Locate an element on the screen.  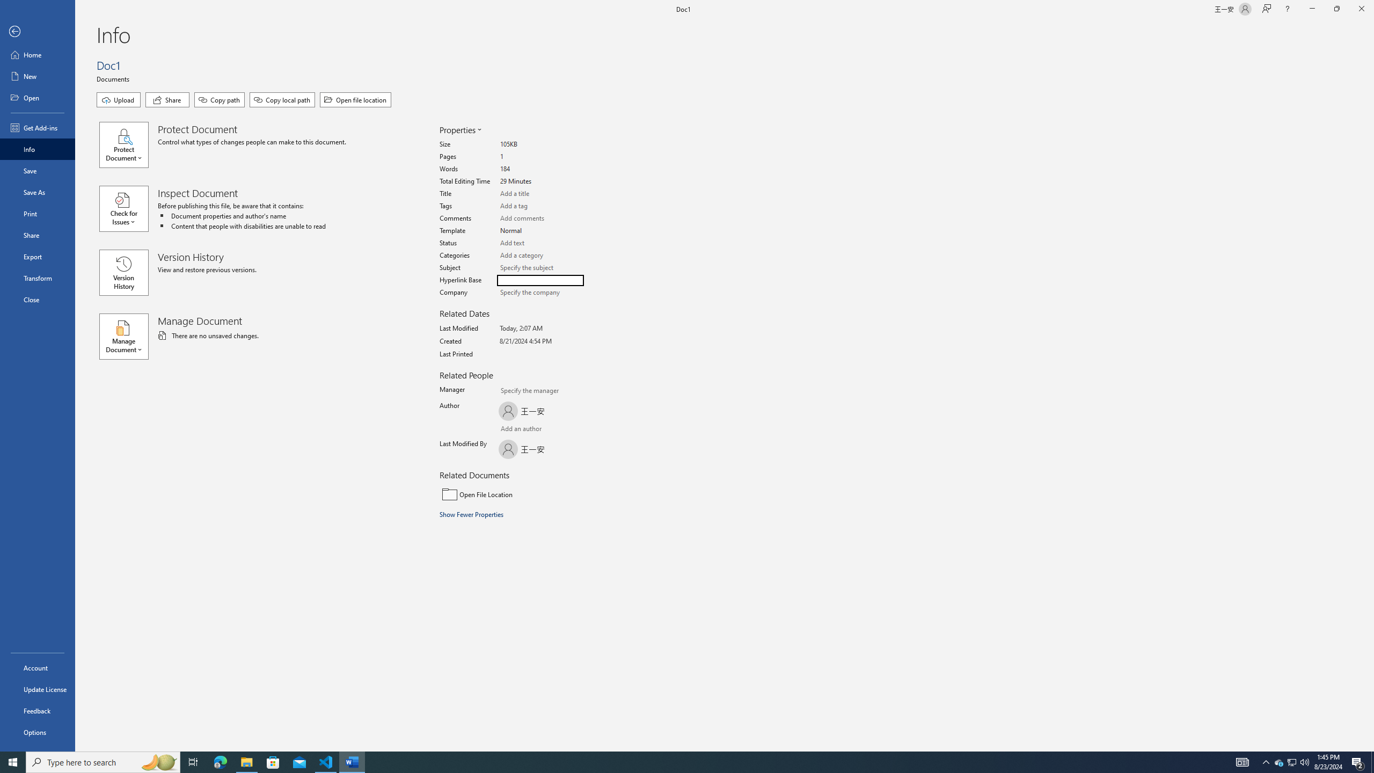
'Hyperlink Base' is located at coordinates (540, 280).